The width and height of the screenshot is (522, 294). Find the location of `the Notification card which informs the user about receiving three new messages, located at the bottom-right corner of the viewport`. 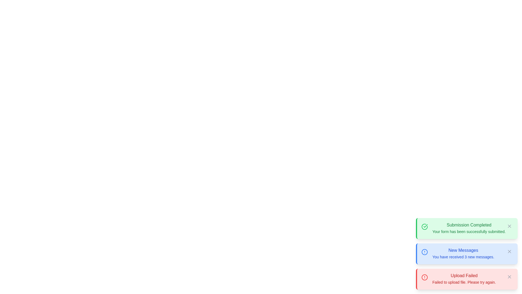

the Notification card which informs the user about receiving three new messages, located at the bottom-right corner of the viewport is located at coordinates (467, 254).